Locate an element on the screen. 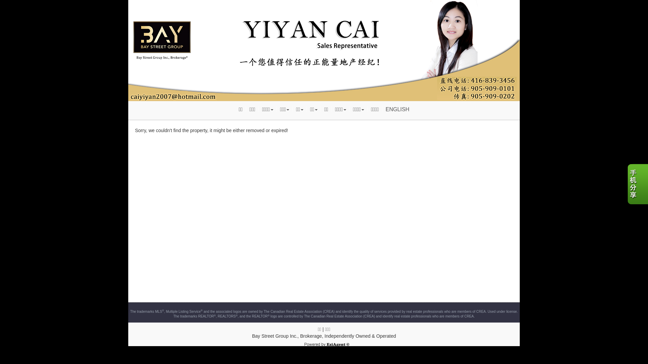  'ENGLISH' is located at coordinates (382, 109).